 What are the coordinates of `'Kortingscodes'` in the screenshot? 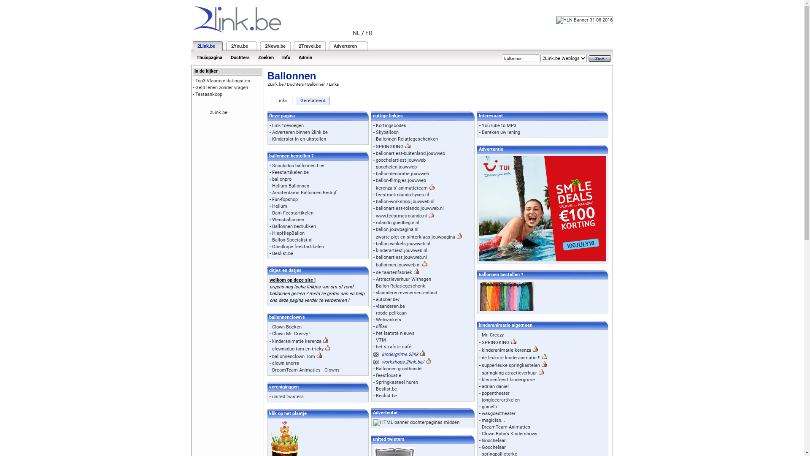 It's located at (390, 125).